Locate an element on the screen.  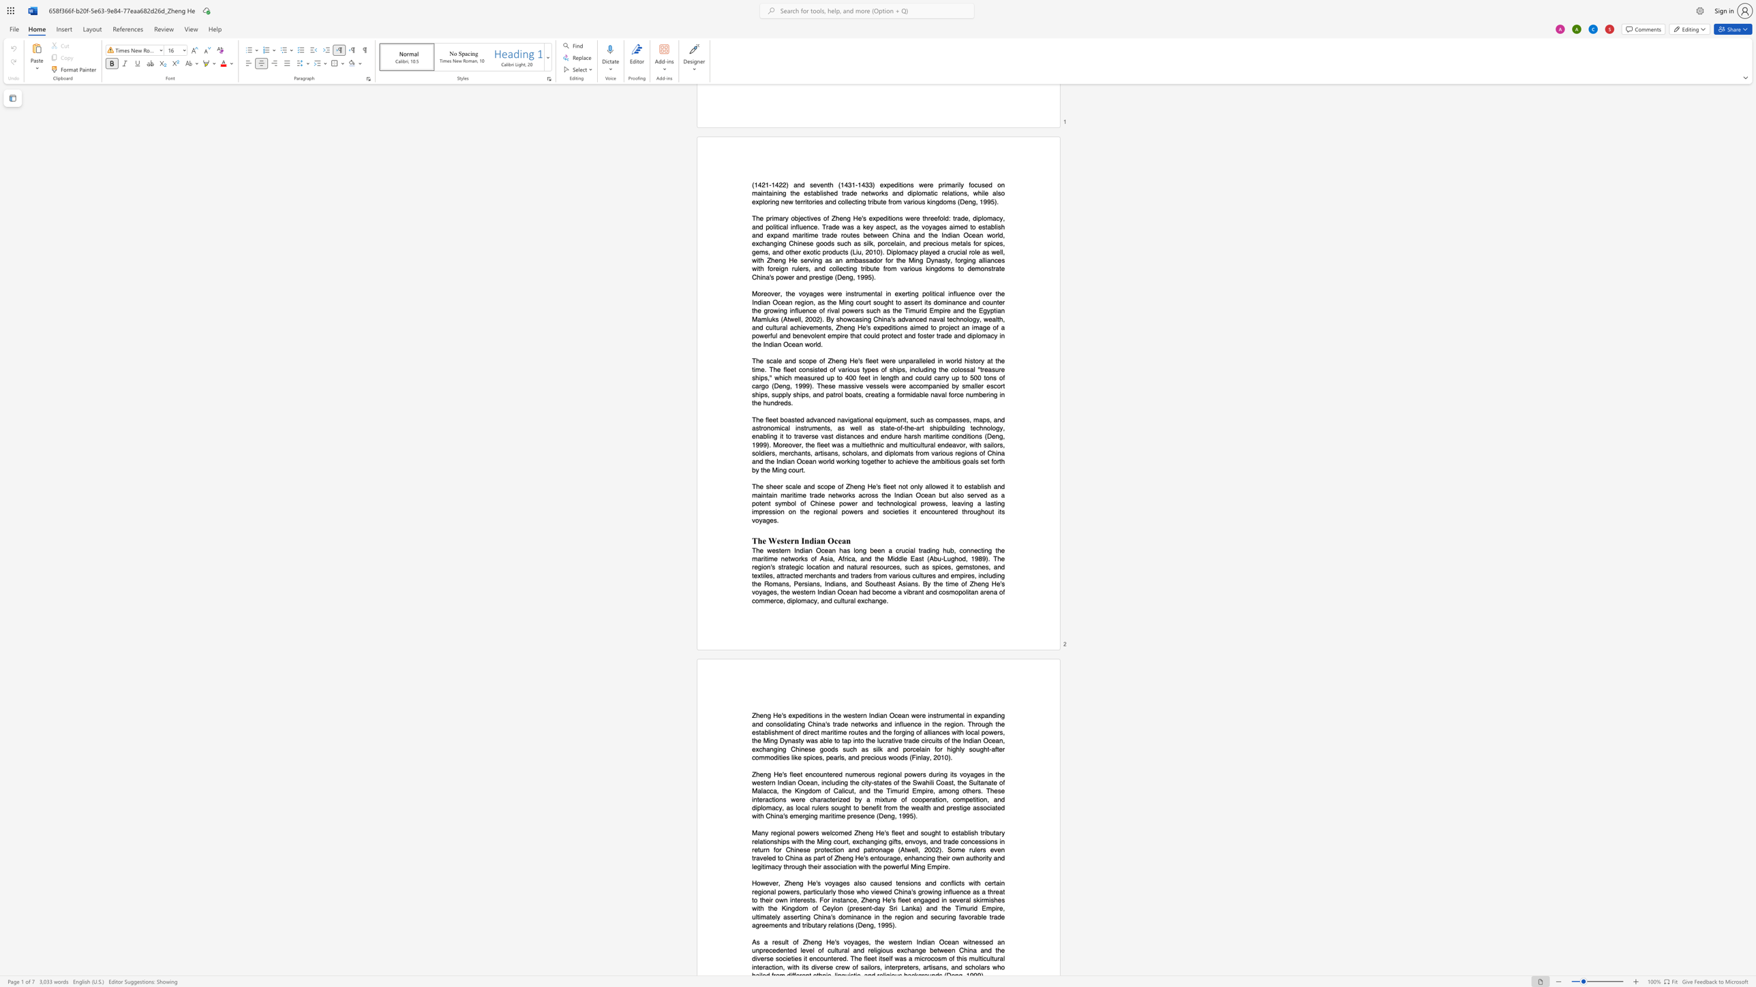
the subset text "reements and tributary relations (Deng, 199" within the text "China" is located at coordinates (759, 925).